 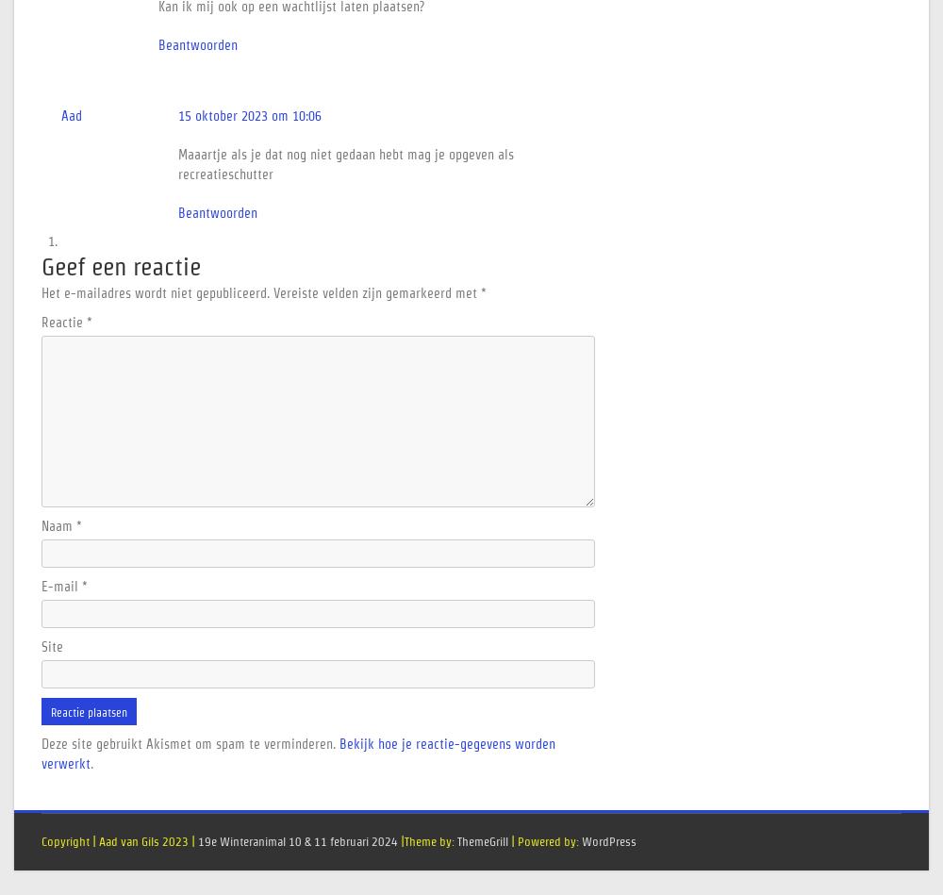 What do you see at coordinates (52, 647) in the screenshot?
I see `'Site'` at bounding box center [52, 647].